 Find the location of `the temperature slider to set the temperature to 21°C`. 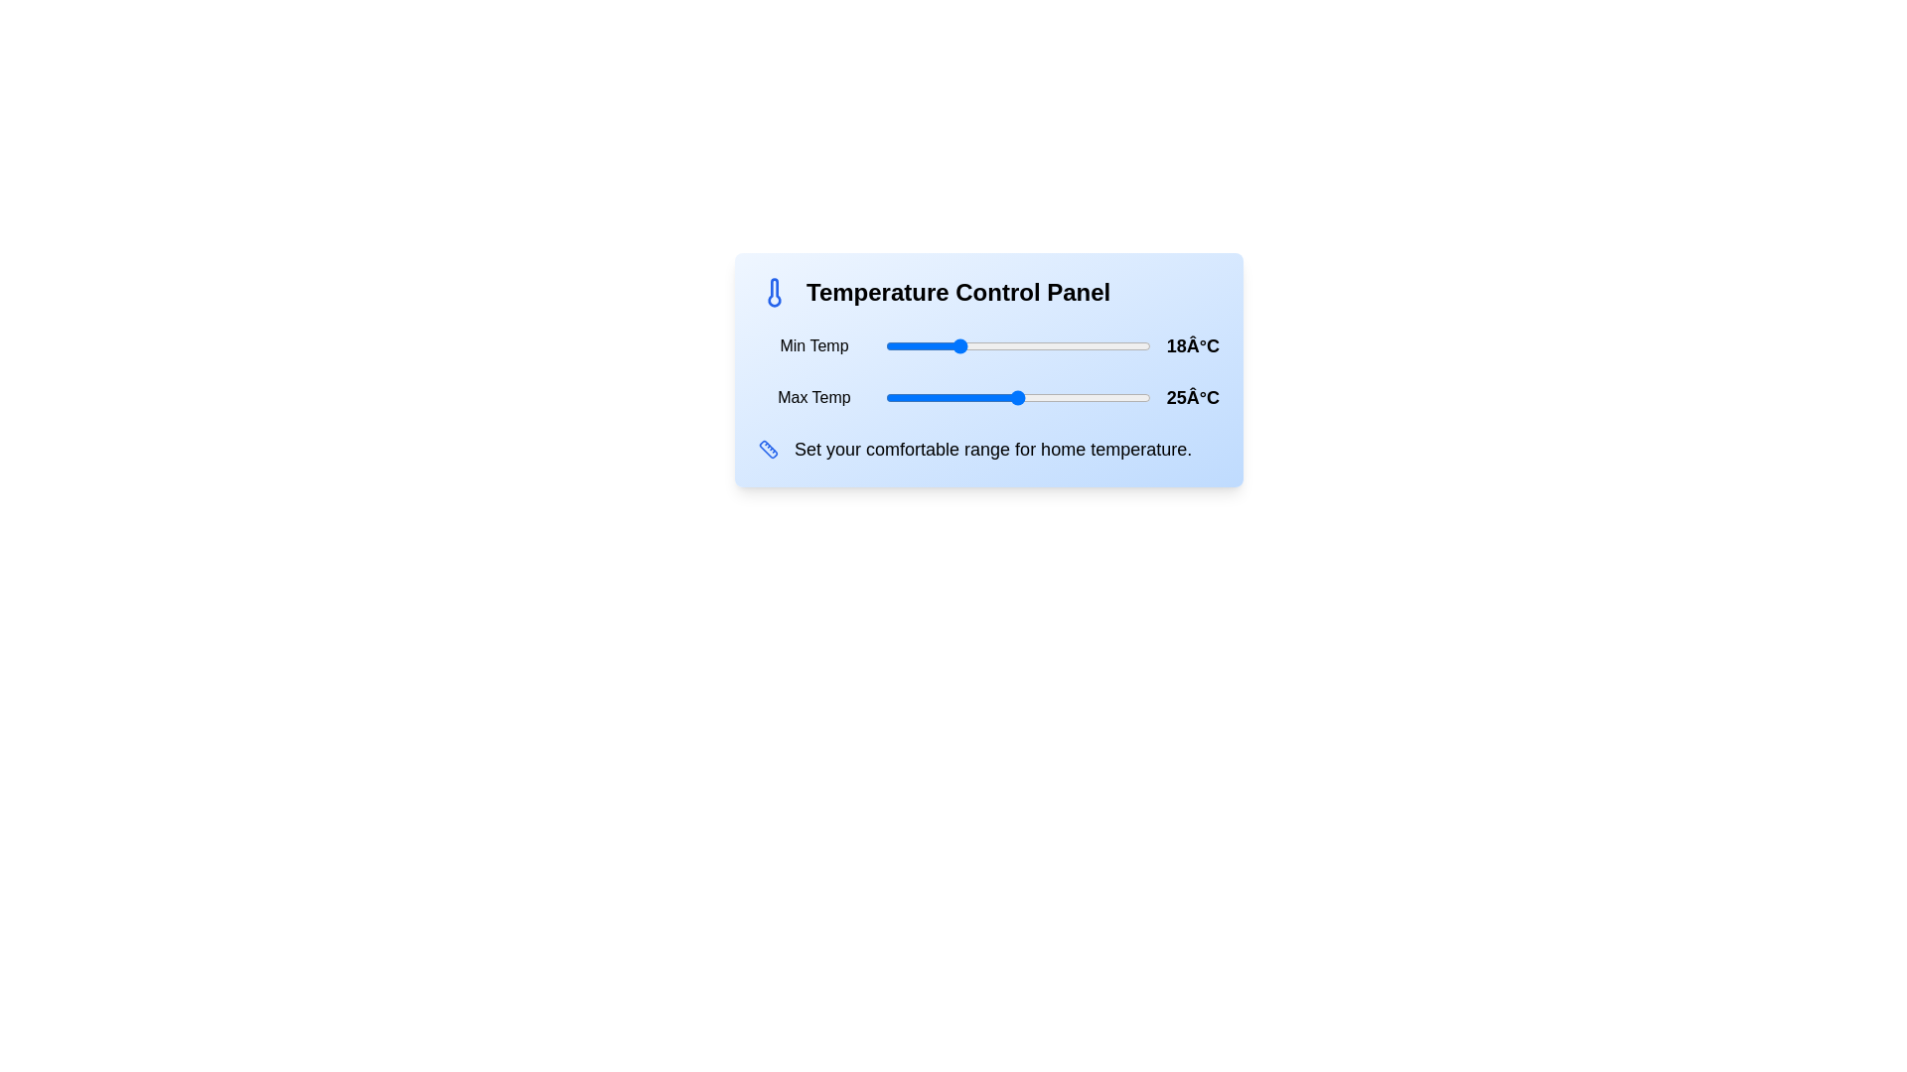

the temperature slider to set the temperature to 21°C is located at coordinates (982, 344).